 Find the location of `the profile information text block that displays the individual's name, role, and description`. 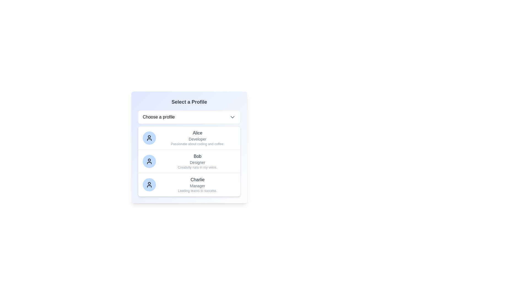

the profile information text block that displays the individual's name, role, and description is located at coordinates (197, 137).